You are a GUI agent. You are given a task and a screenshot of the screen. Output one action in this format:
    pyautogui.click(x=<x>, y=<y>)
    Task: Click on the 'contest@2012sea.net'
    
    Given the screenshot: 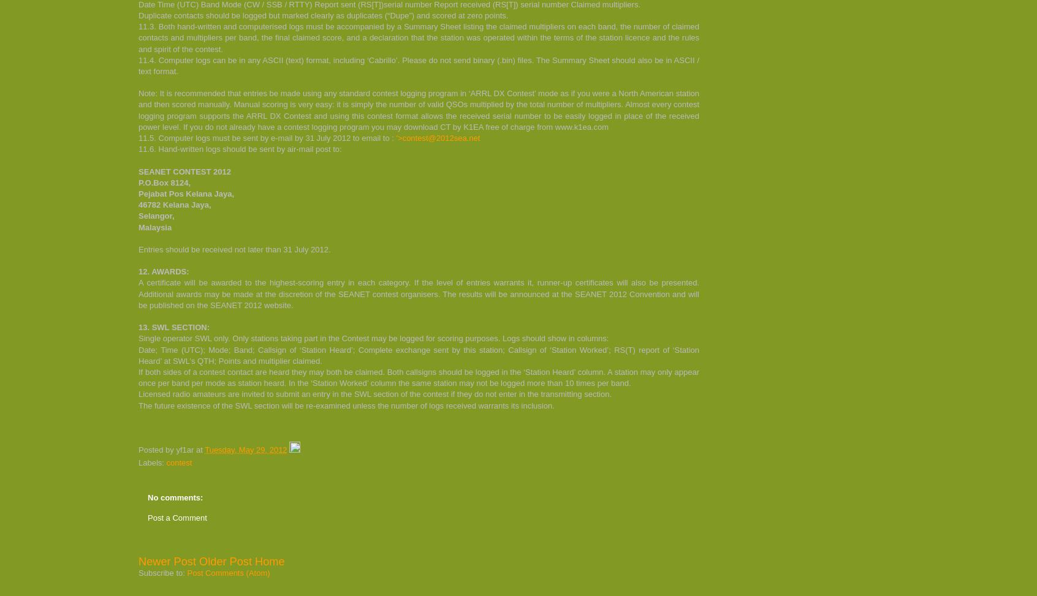 What is the action you would take?
    pyautogui.click(x=440, y=137)
    